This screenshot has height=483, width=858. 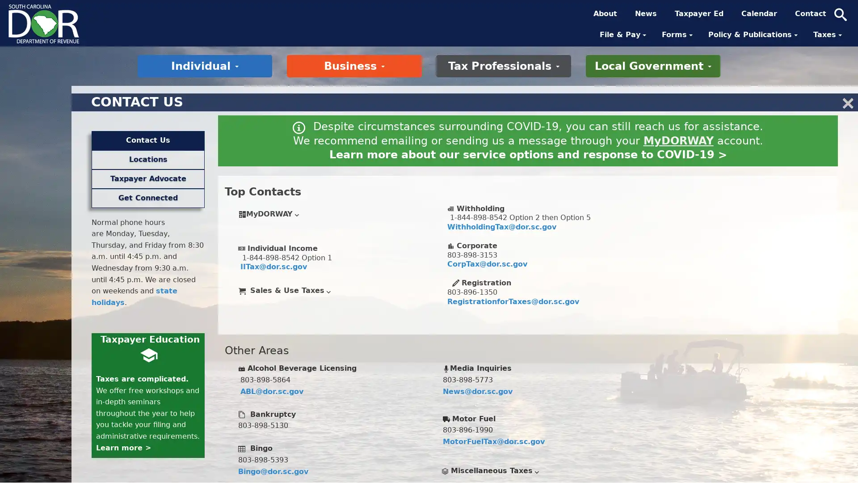 What do you see at coordinates (652, 65) in the screenshot?
I see `Local Government` at bounding box center [652, 65].